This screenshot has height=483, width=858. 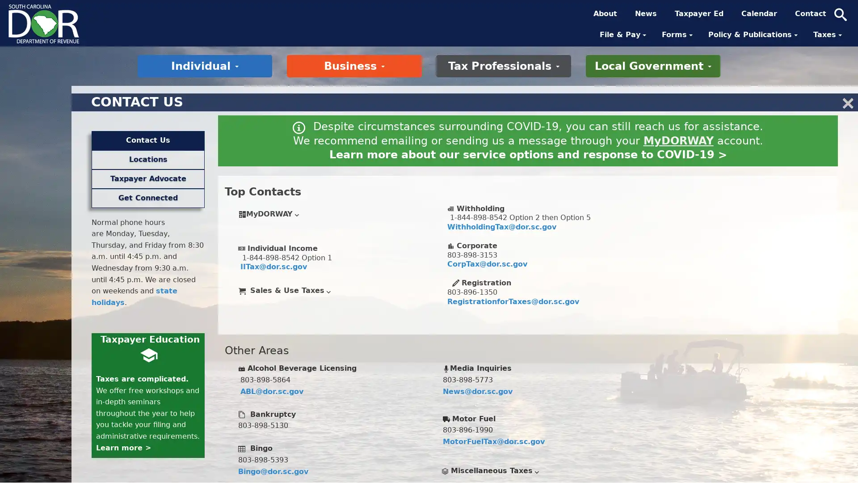 What do you see at coordinates (652, 65) in the screenshot?
I see `Local Government` at bounding box center [652, 65].